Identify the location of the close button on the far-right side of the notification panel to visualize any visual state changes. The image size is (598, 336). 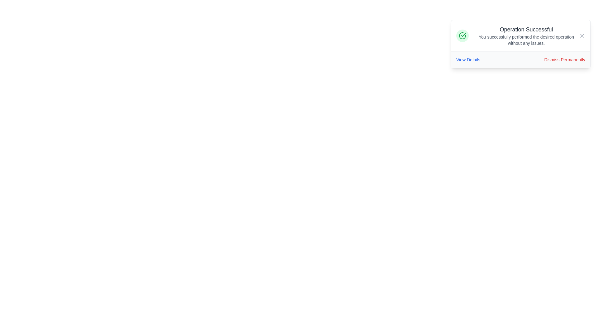
(581, 36).